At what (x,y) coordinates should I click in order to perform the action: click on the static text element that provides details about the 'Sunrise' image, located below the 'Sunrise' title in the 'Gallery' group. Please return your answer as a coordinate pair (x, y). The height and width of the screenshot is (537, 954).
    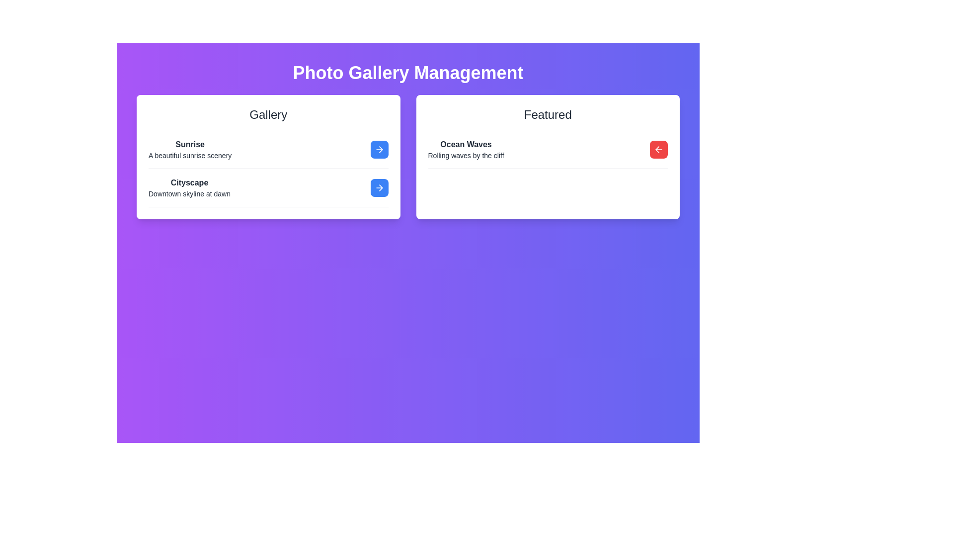
    Looking at the image, I should click on (190, 155).